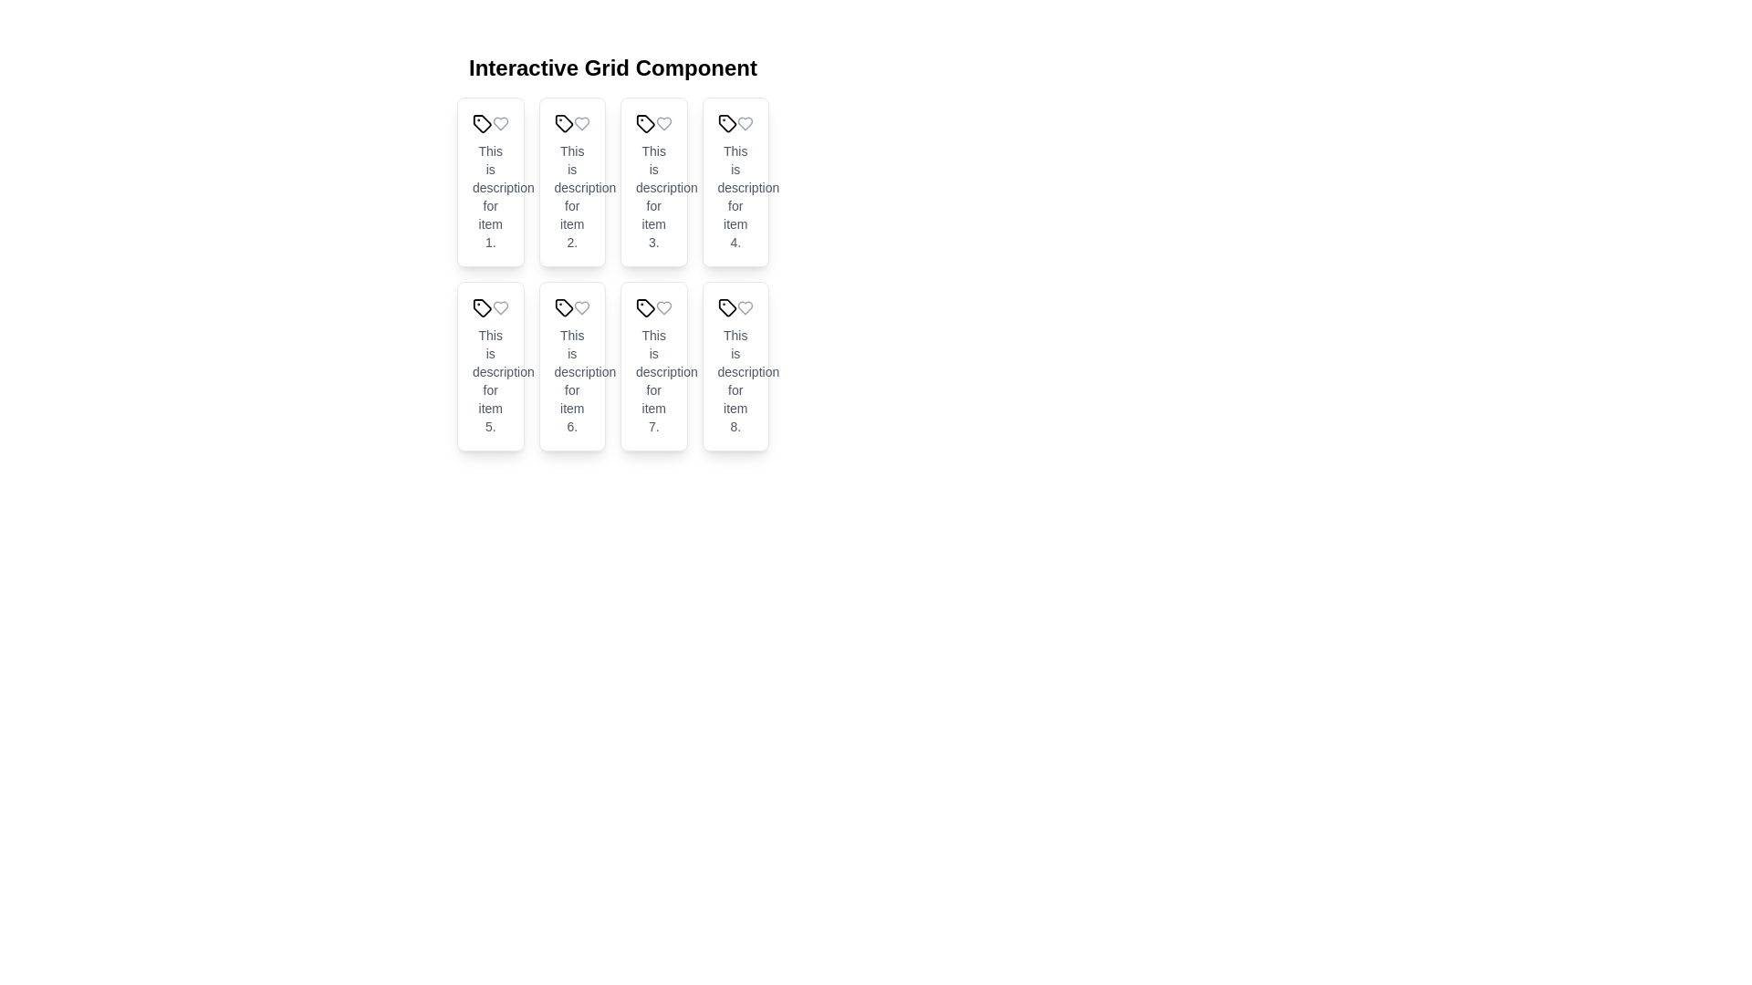 The image size is (1752, 985). I want to click on the first card in the grid layout that displays information about an item, so click(490, 182).